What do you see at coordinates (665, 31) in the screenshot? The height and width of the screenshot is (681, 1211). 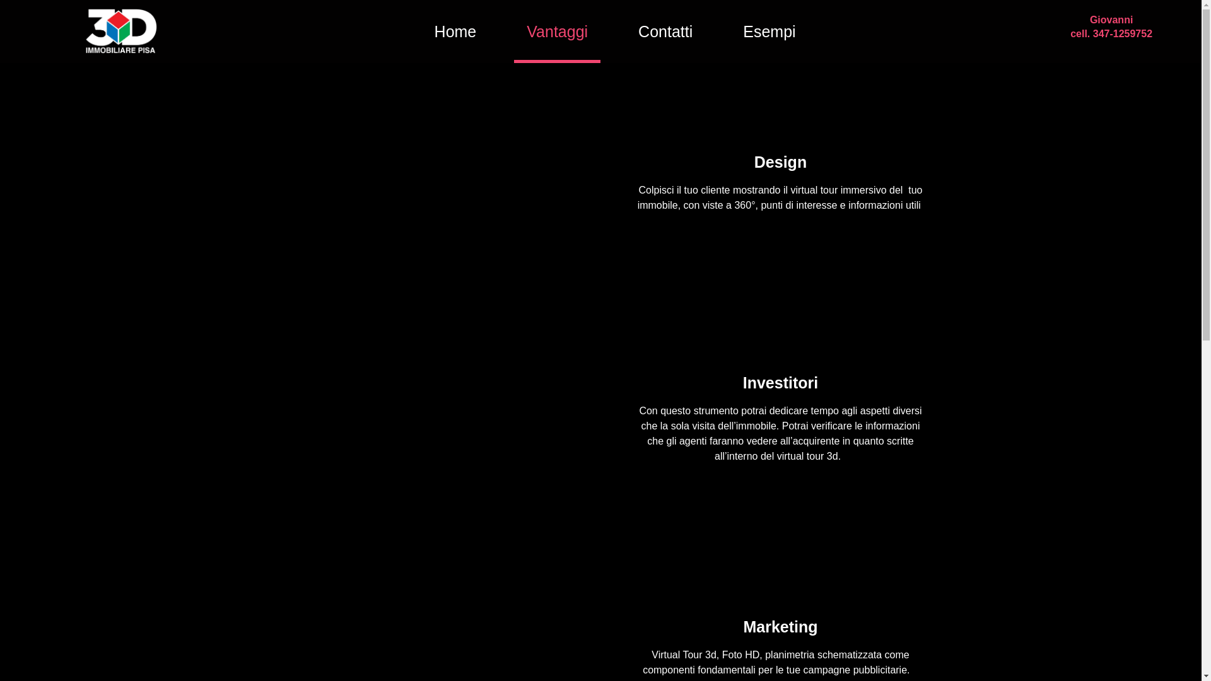 I see `'Contatti'` at bounding box center [665, 31].